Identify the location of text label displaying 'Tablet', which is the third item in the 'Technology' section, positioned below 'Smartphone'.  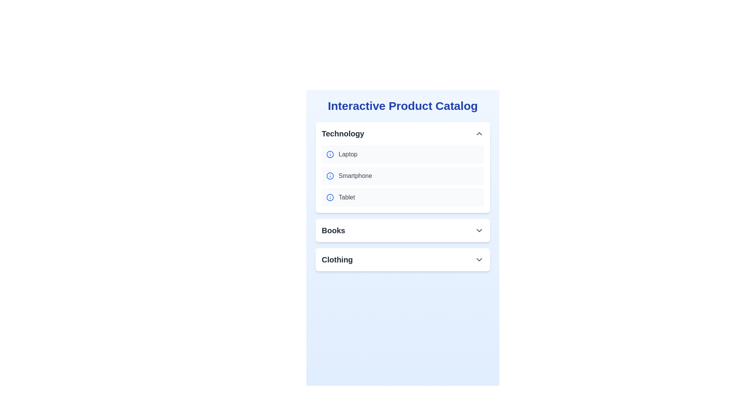
(346, 197).